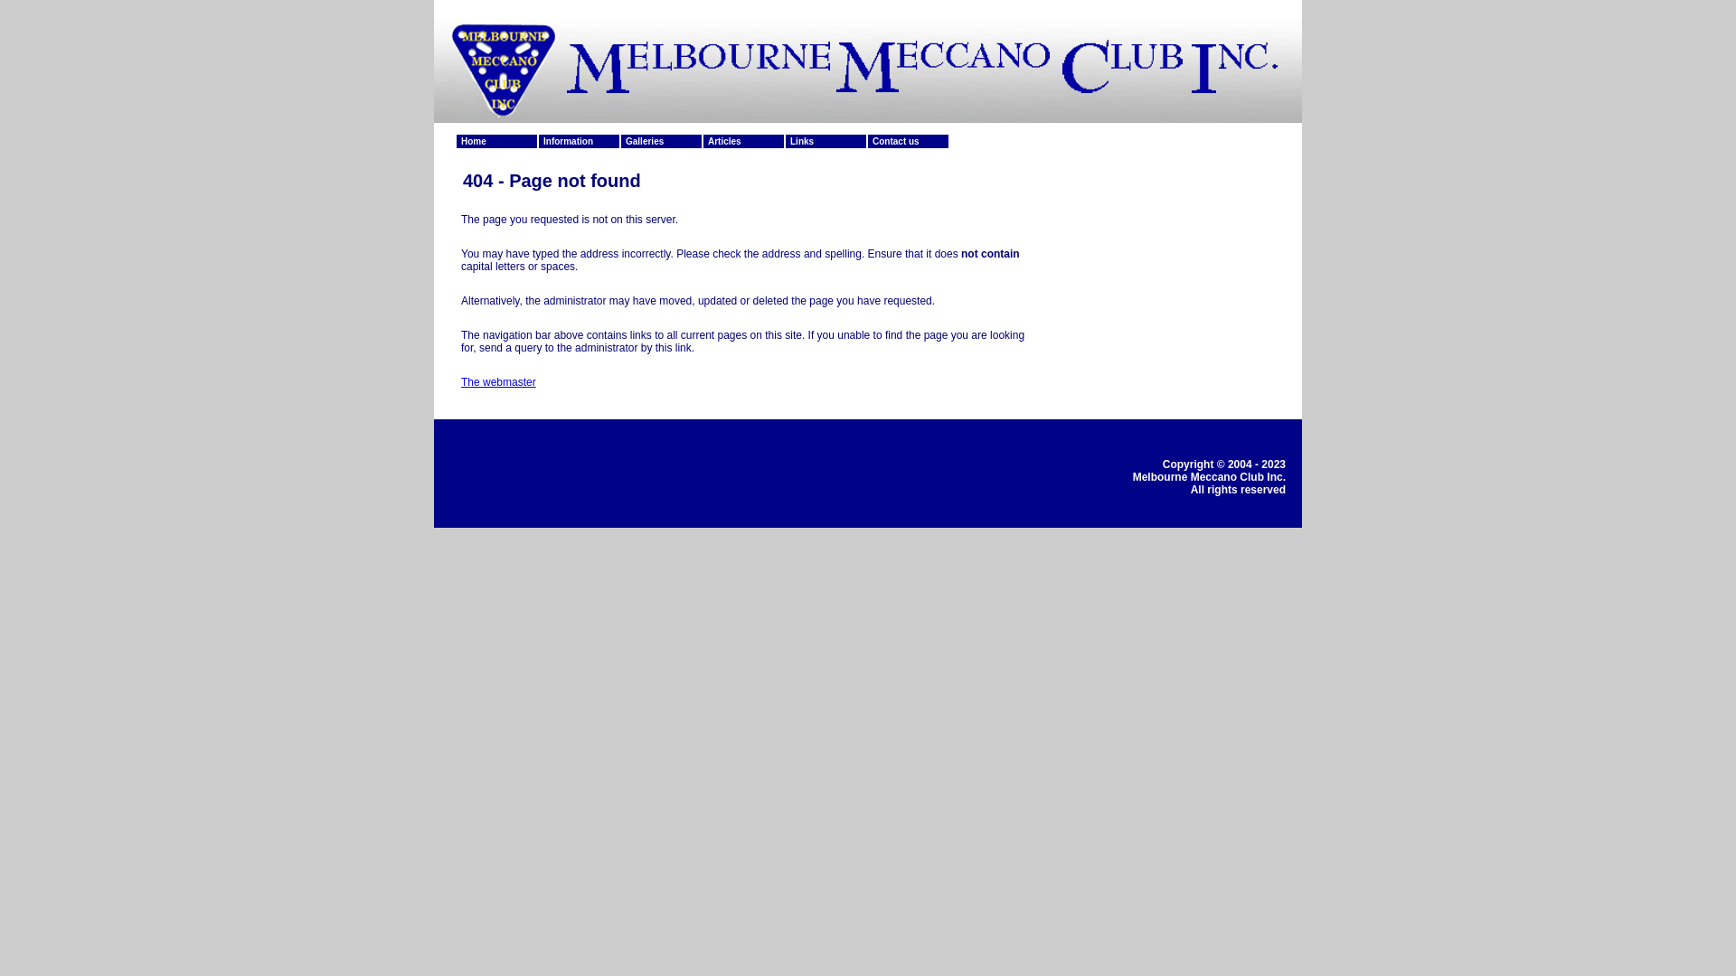 This screenshot has width=1736, height=976. What do you see at coordinates (580, 140) in the screenshot?
I see `'Information'` at bounding box center [580, 140].